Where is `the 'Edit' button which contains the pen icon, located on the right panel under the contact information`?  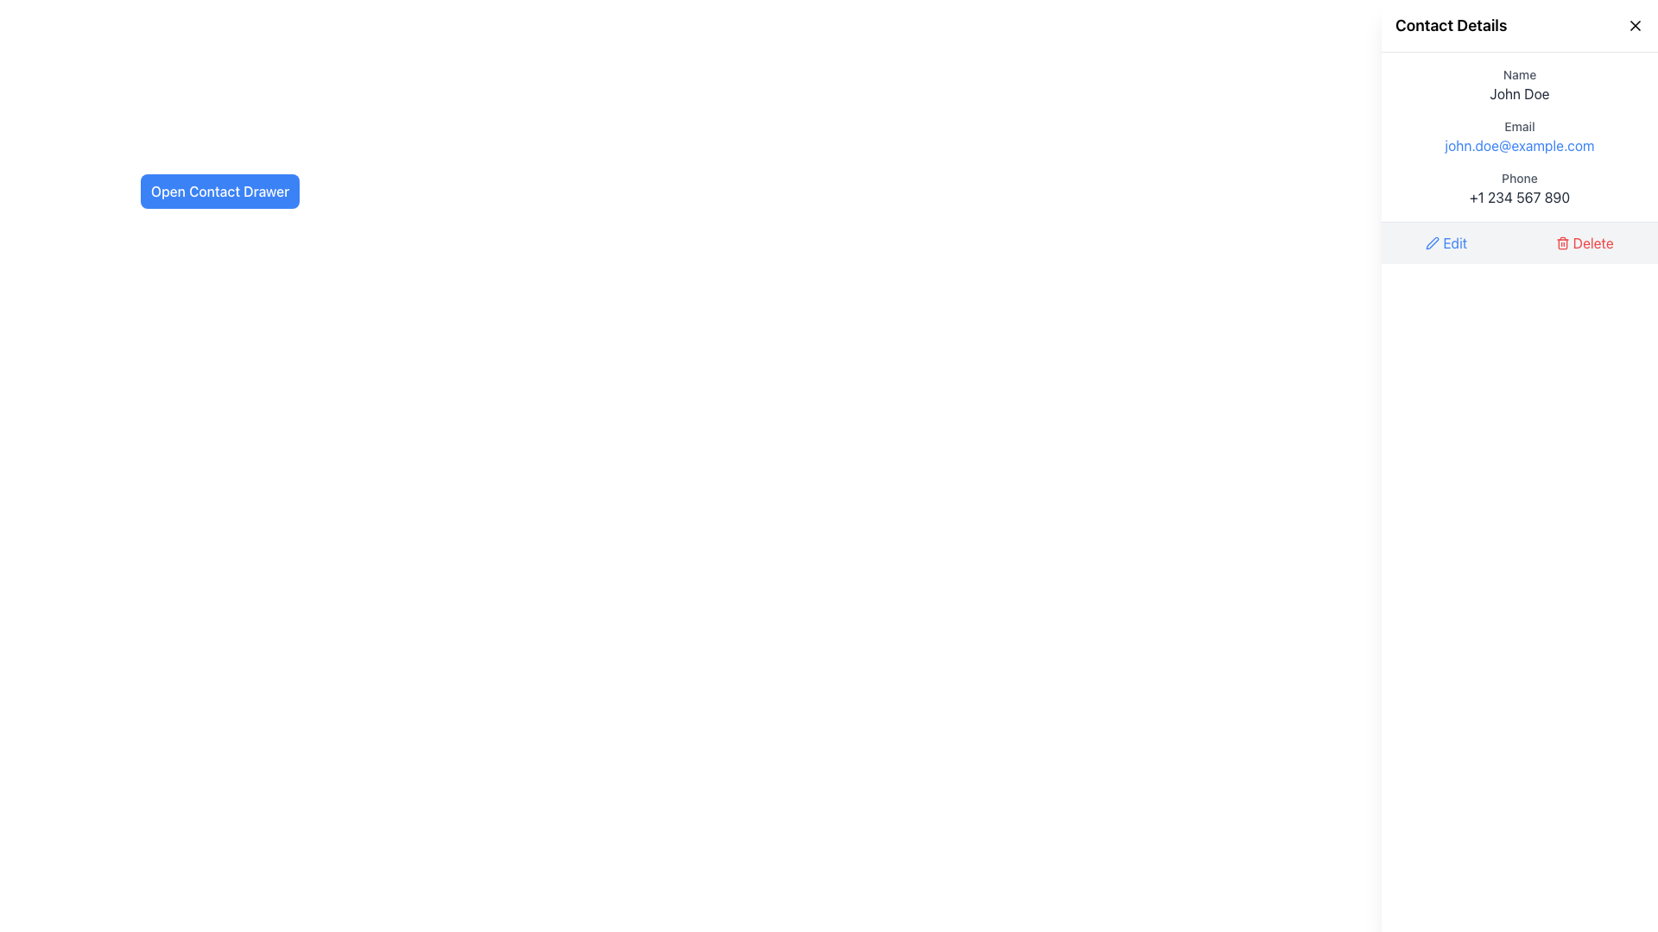
the 'Edit' button which contains the pen icon, located on the right panel under the contact information is located at coordinates (1433, 242).